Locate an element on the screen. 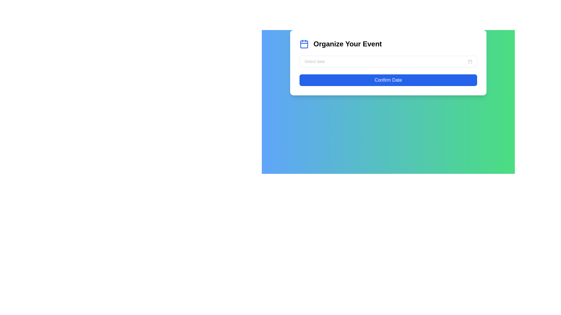 The width and height of the screenshot is (561, 315). the confirmation button located at the bottom of the 'Organize Your Event' panel to receive tooltip or visual feedback is located at coordinates (388, 80).